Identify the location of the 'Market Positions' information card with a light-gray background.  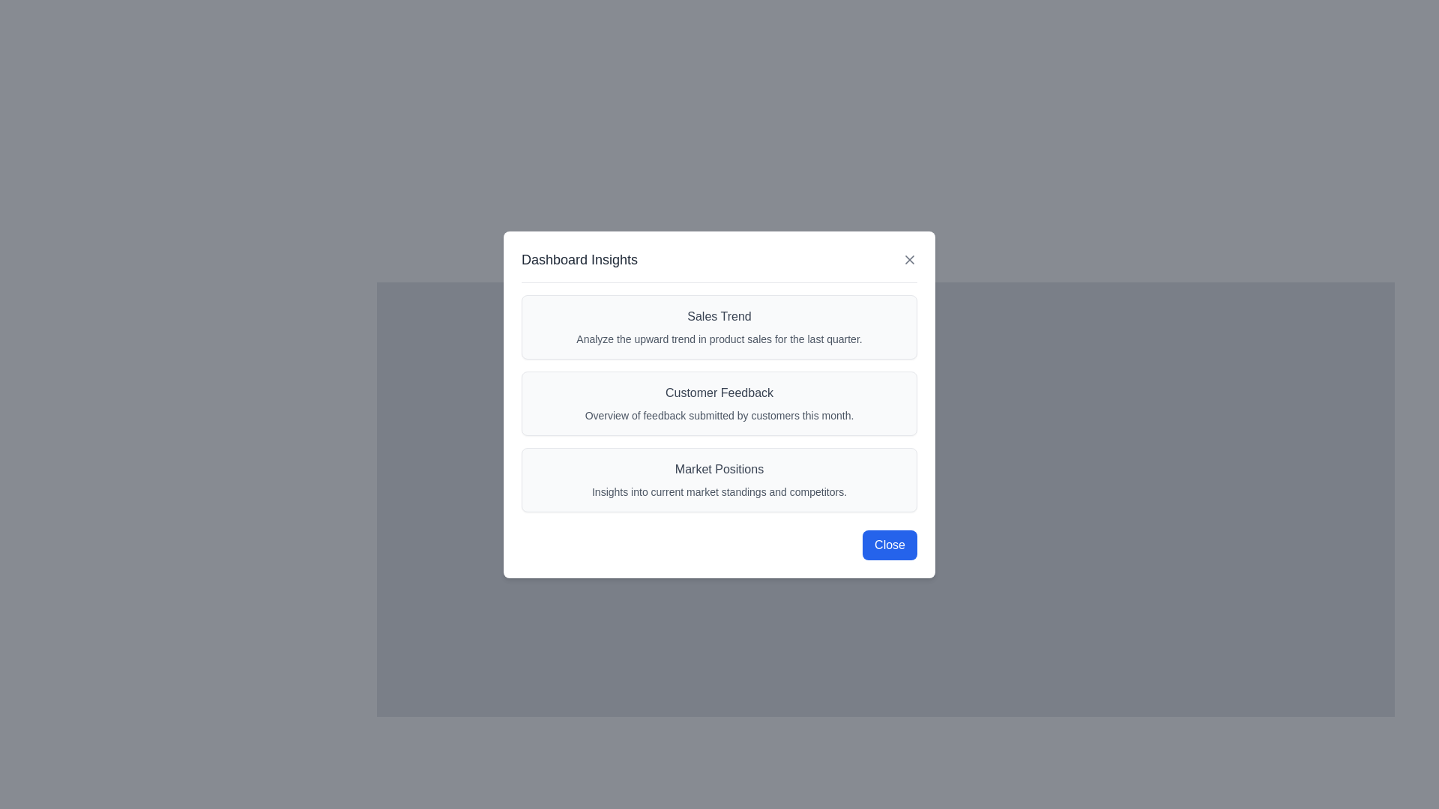
(719, 479).